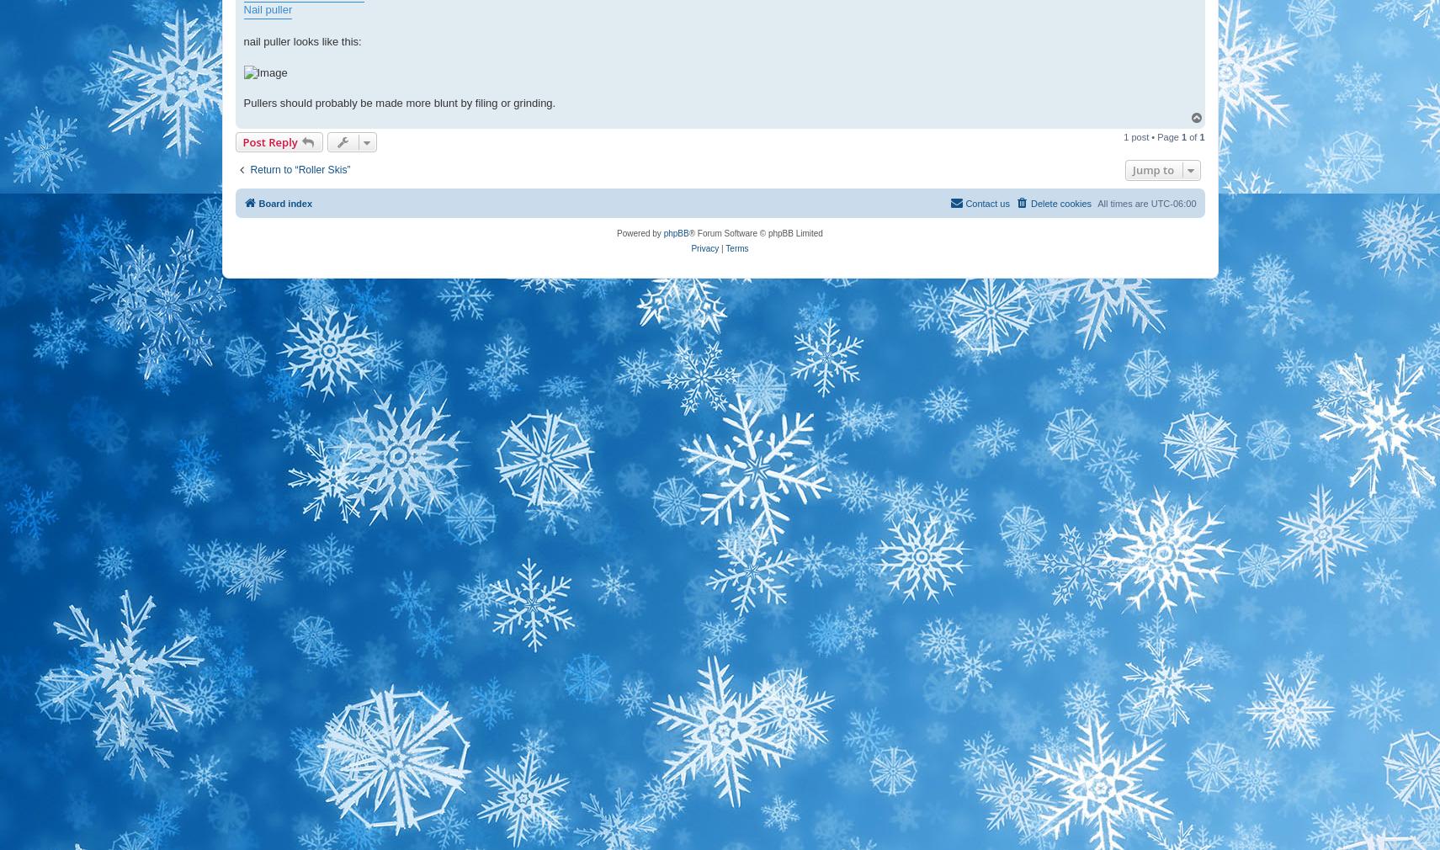 Image resolution: width=1440 pixels, height=850 pixels. What do you see at coordinates (250, 169) in the screenshot?
I see `'Return to “Roller Skis”'` at bounding box center [250, 169].